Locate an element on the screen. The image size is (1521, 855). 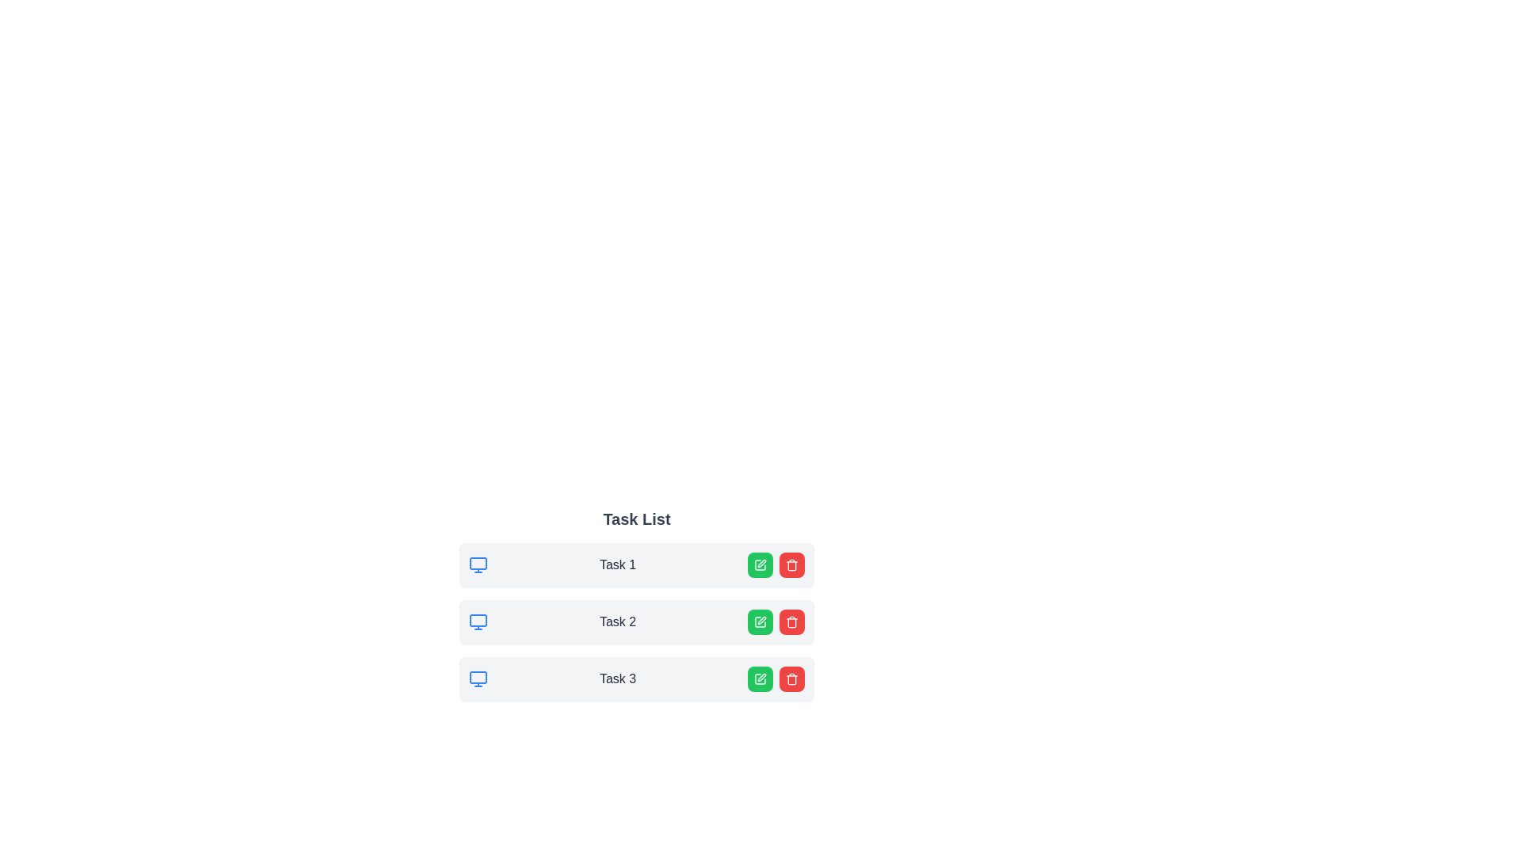
the square-shaped icon button with a pen symbol inside, located on the right side of the first row in the task list, to initiate task editing is located at coordinates (760, 564).